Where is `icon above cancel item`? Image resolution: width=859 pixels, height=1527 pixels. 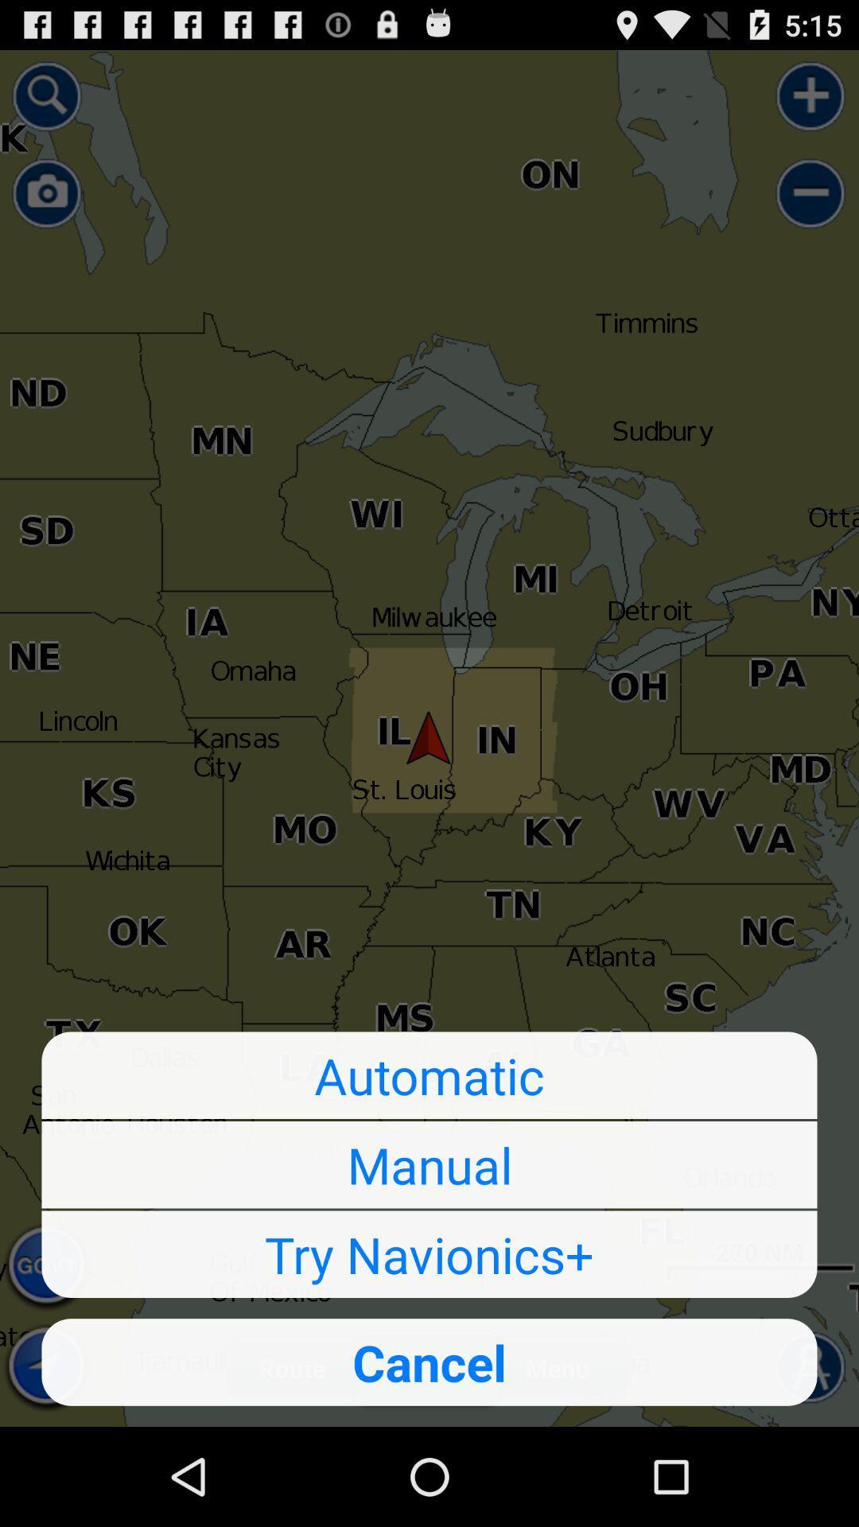 icon above cancel item is located at coordinates (429, 1253).